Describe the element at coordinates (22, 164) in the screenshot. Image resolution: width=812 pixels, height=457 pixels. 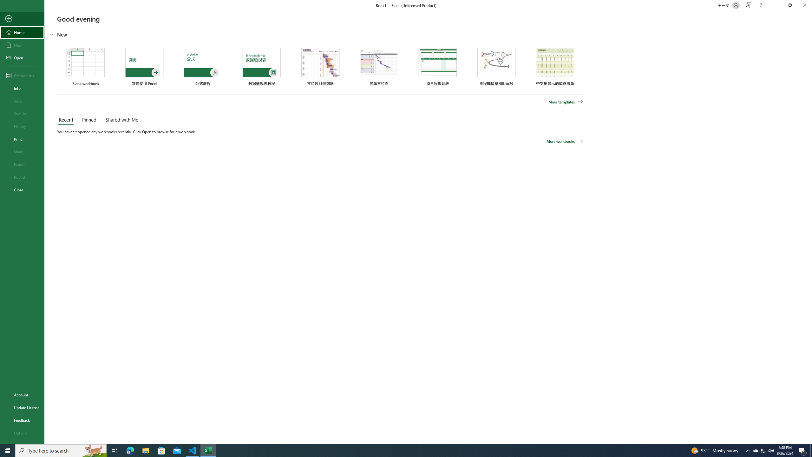
I see `'Export'` at that location.